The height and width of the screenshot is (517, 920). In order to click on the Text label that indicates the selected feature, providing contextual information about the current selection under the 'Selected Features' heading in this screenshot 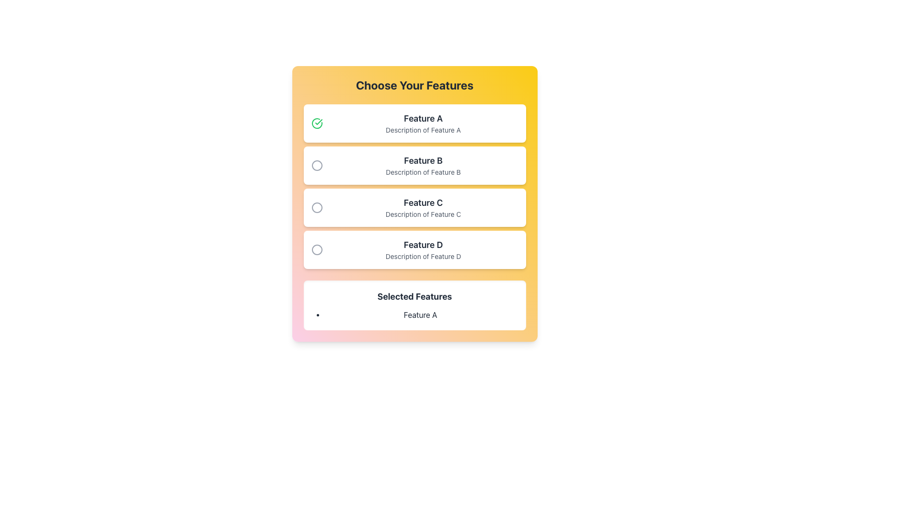, I will do `click(420, 315)`.